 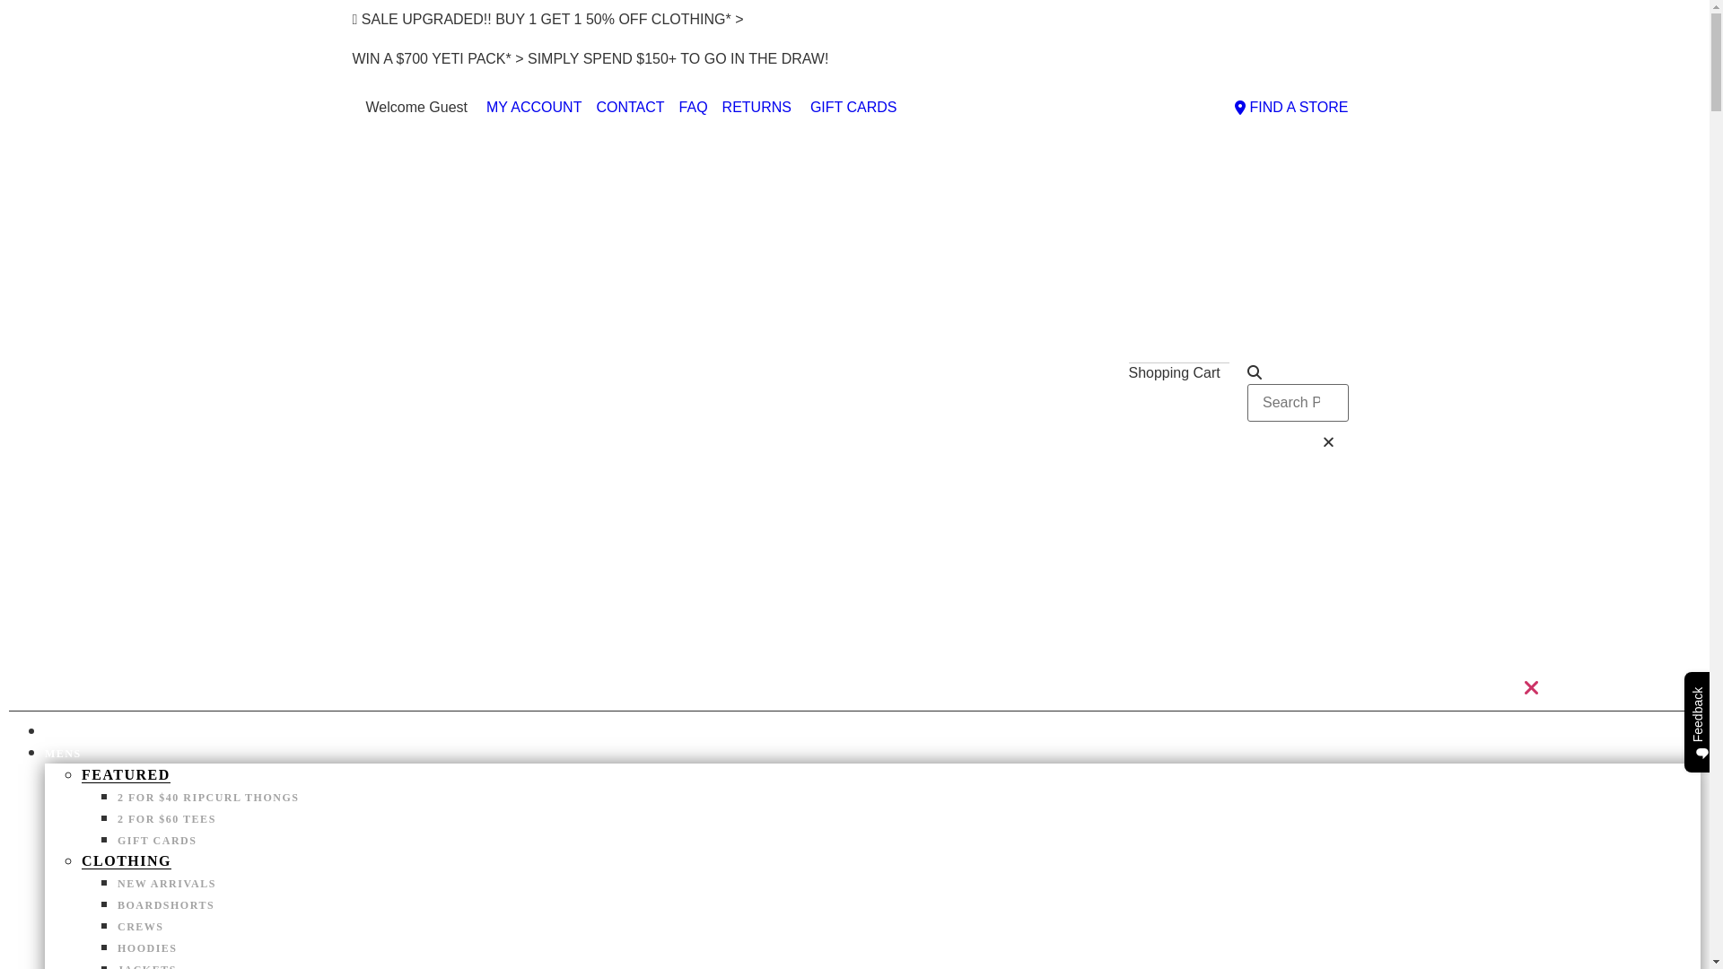 What do you see at coordinates (116, 927) in the screenshot?
I see `'CREWS'` at bounding box center [116, 927].